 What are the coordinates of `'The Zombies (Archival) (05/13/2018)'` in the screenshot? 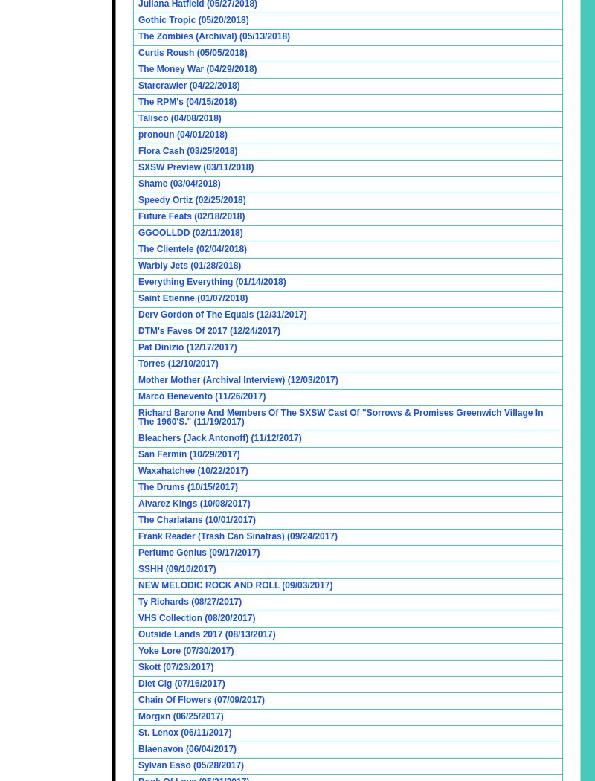 It's located at (214, 36).